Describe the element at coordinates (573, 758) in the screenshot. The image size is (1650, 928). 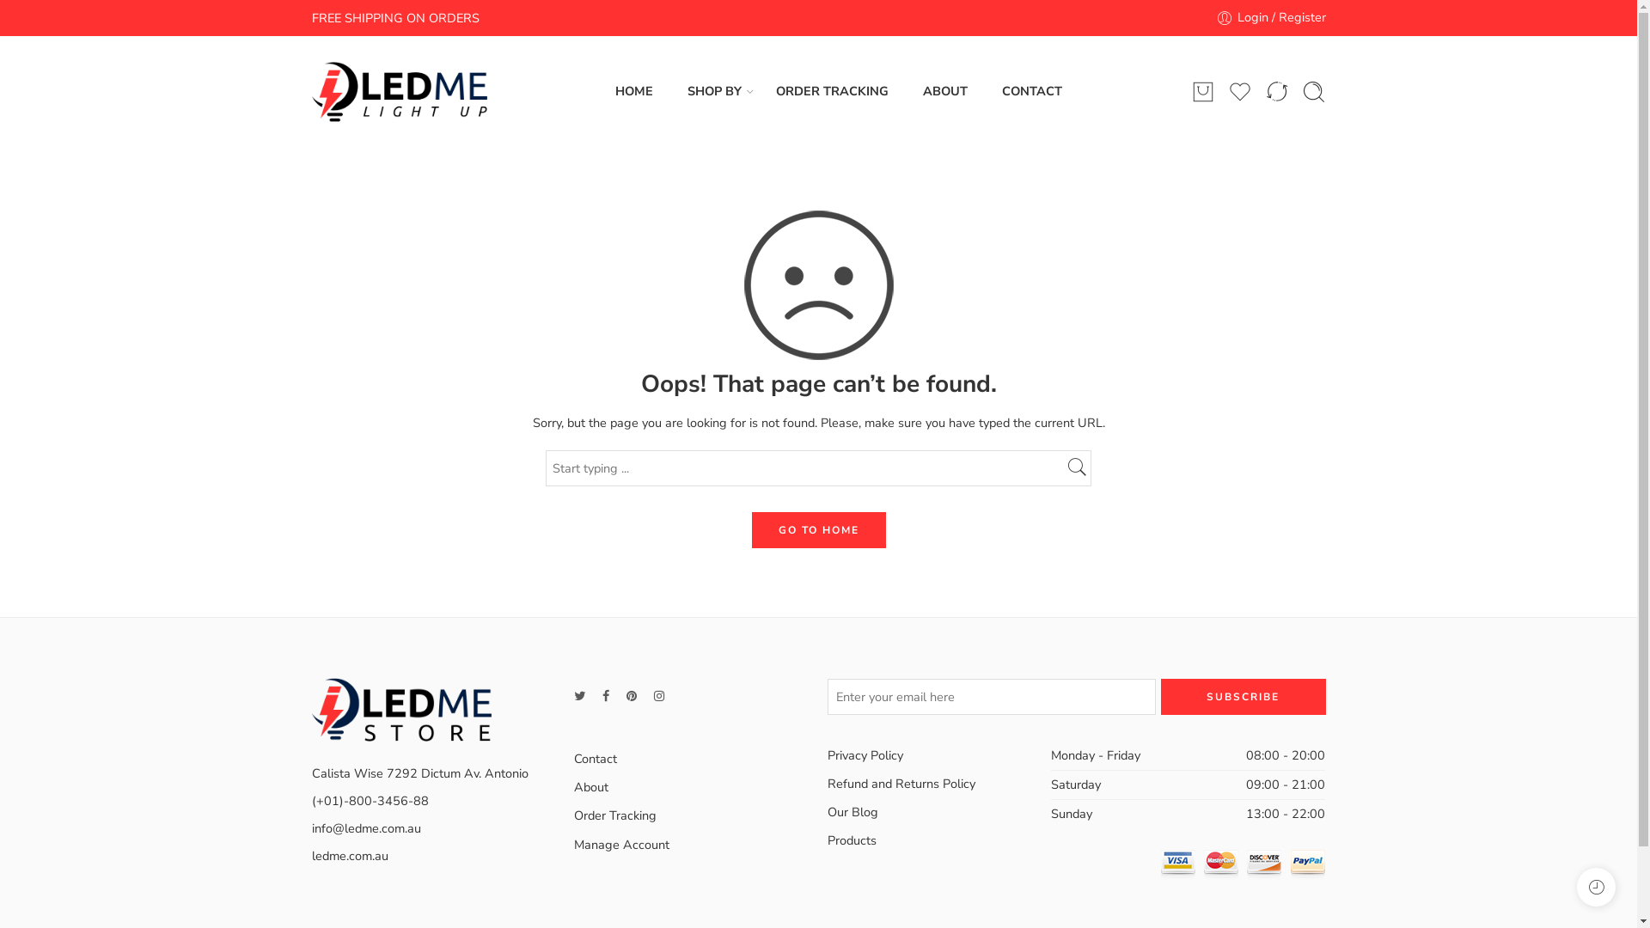
I see `'Contact'` at that location.